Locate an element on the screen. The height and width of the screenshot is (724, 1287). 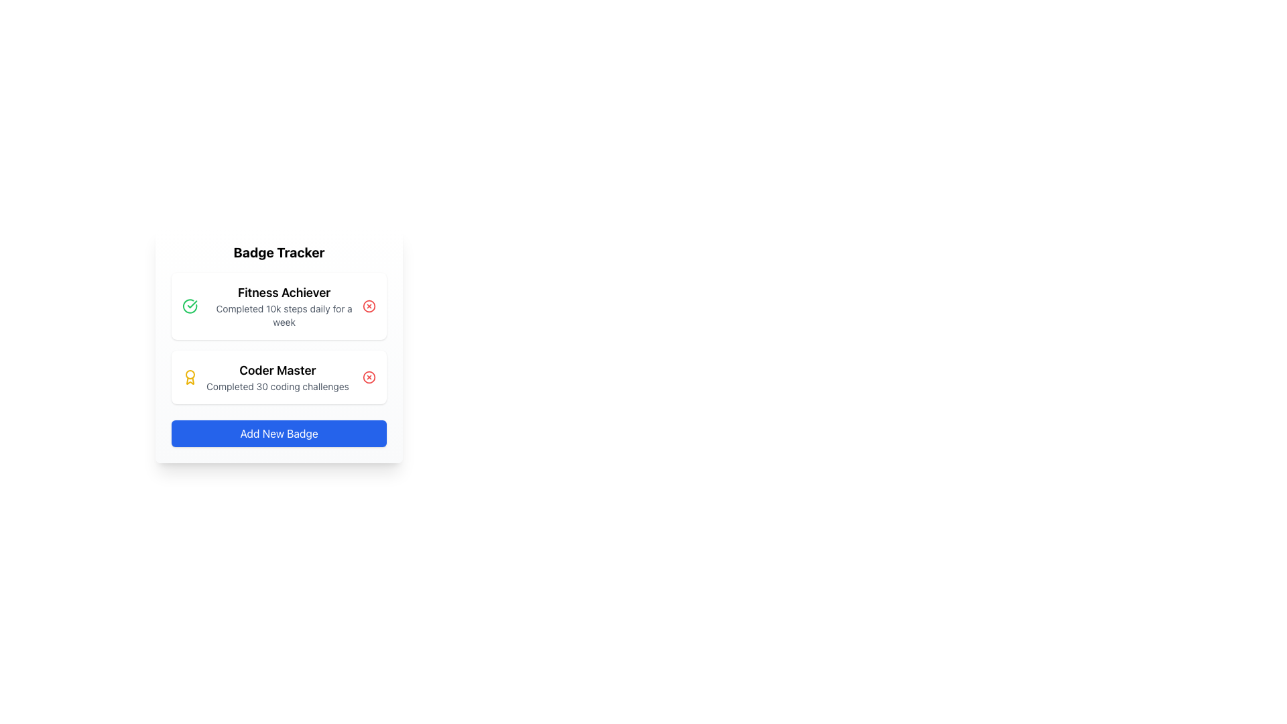
the 'Coder Master' badge element that displays the achievement title and description, located in the badge tracker interface is located at coordinates (265, 377).